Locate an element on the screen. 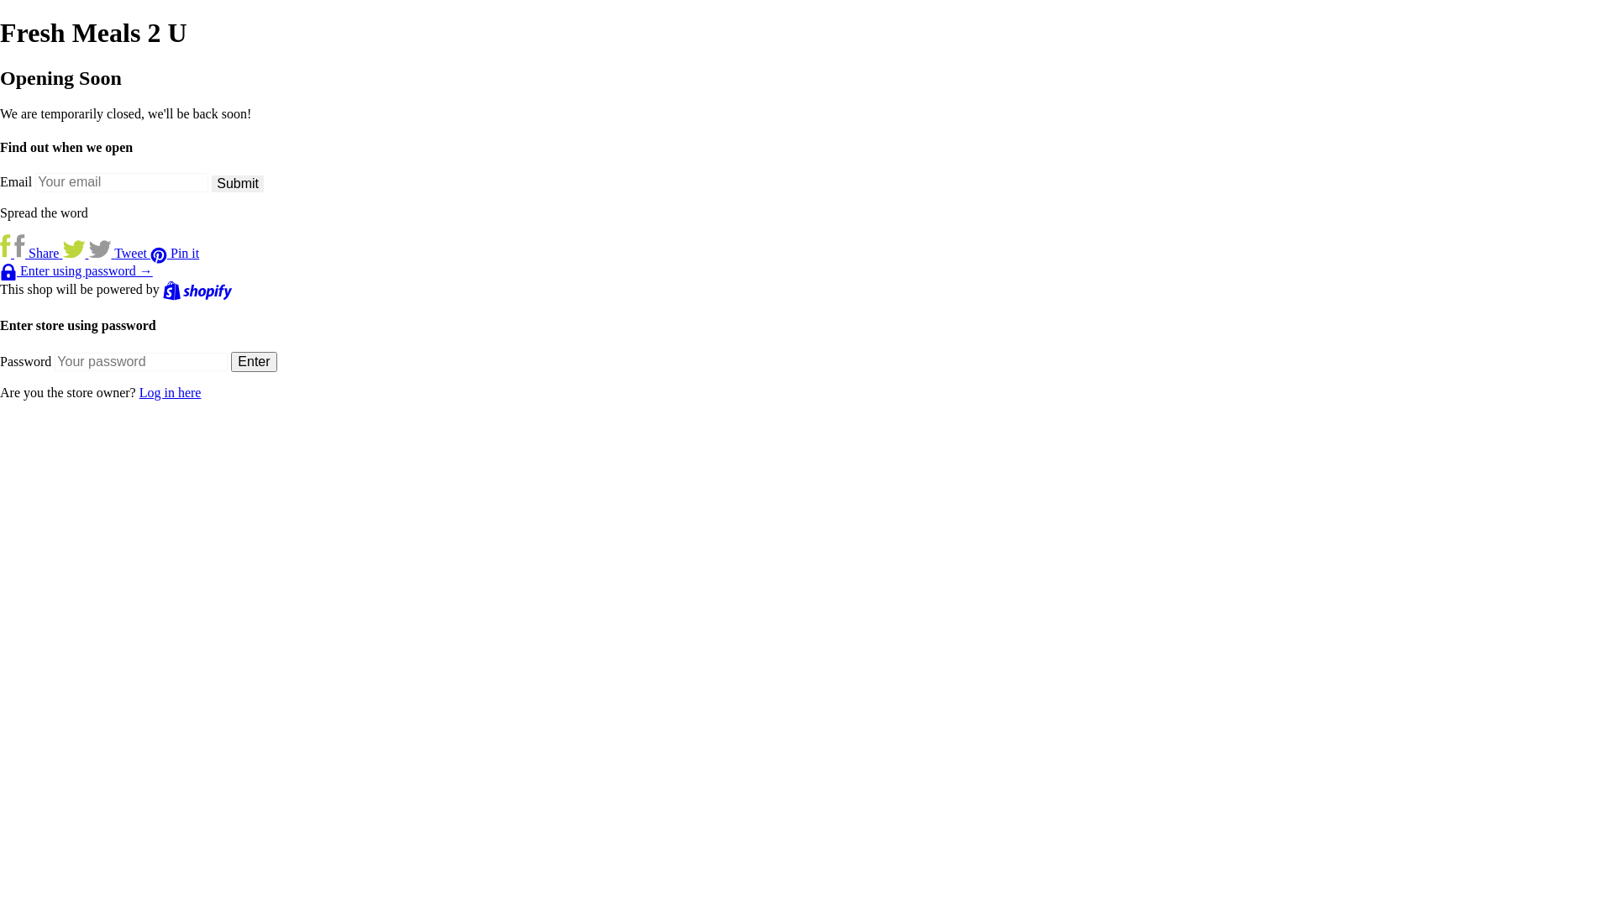  'Share is located at coordinates (31, 253).